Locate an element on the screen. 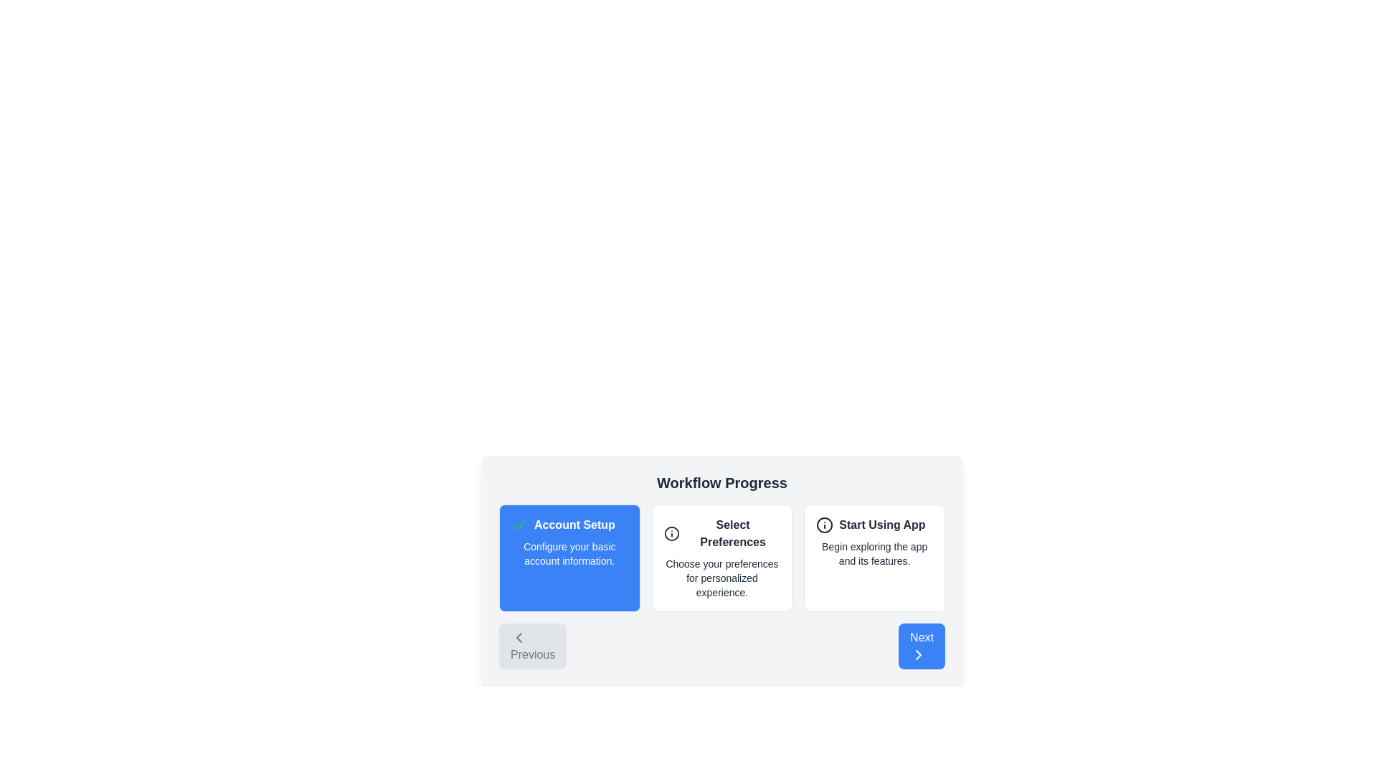 The width and height of the screenshot is (1377, 774). the Informational Card, which is the third item in a three-item horizontally aligned list, located to the right of the 'Select Preferences' element and to the far right of the 'Account Setup' card is located at coordinates (874, 558).